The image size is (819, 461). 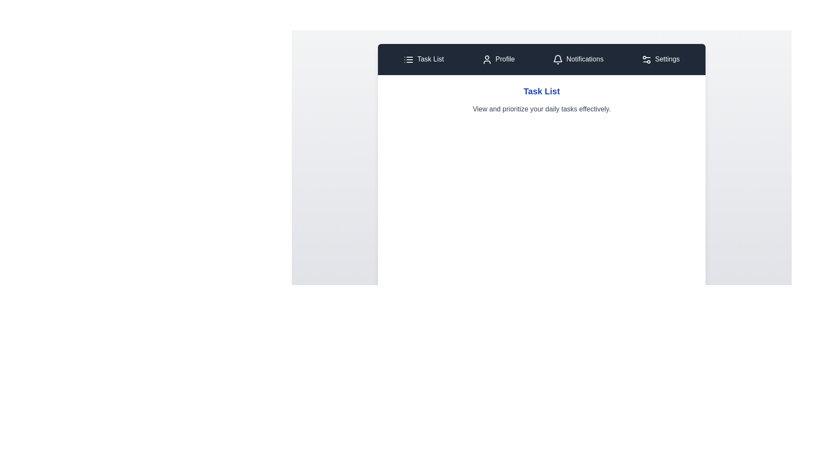 I want to click on the tab labeled Profile, so click(x=498, y=59).